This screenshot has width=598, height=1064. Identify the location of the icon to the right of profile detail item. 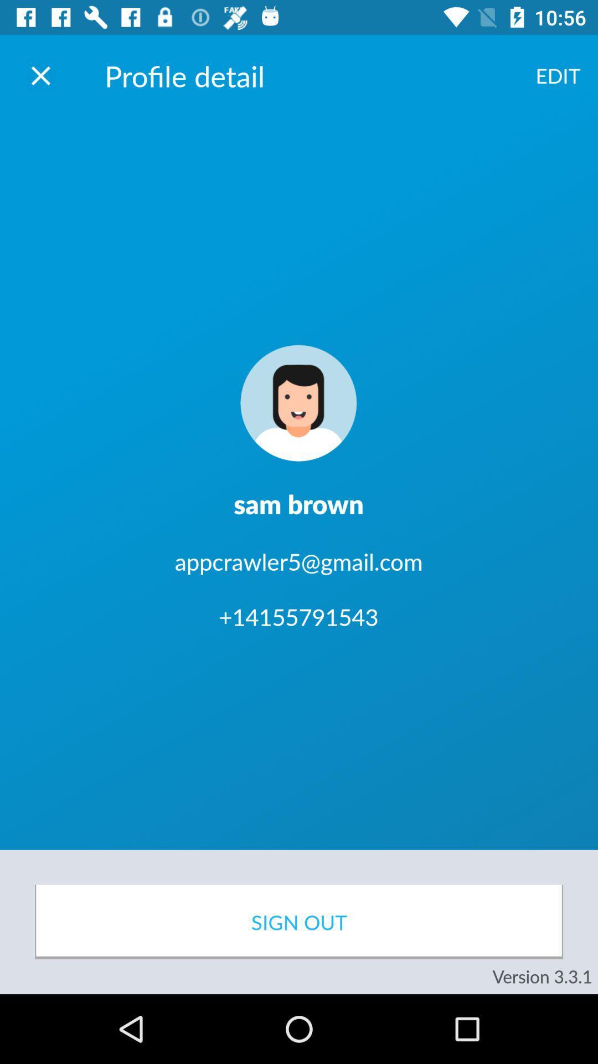
(558, 75).